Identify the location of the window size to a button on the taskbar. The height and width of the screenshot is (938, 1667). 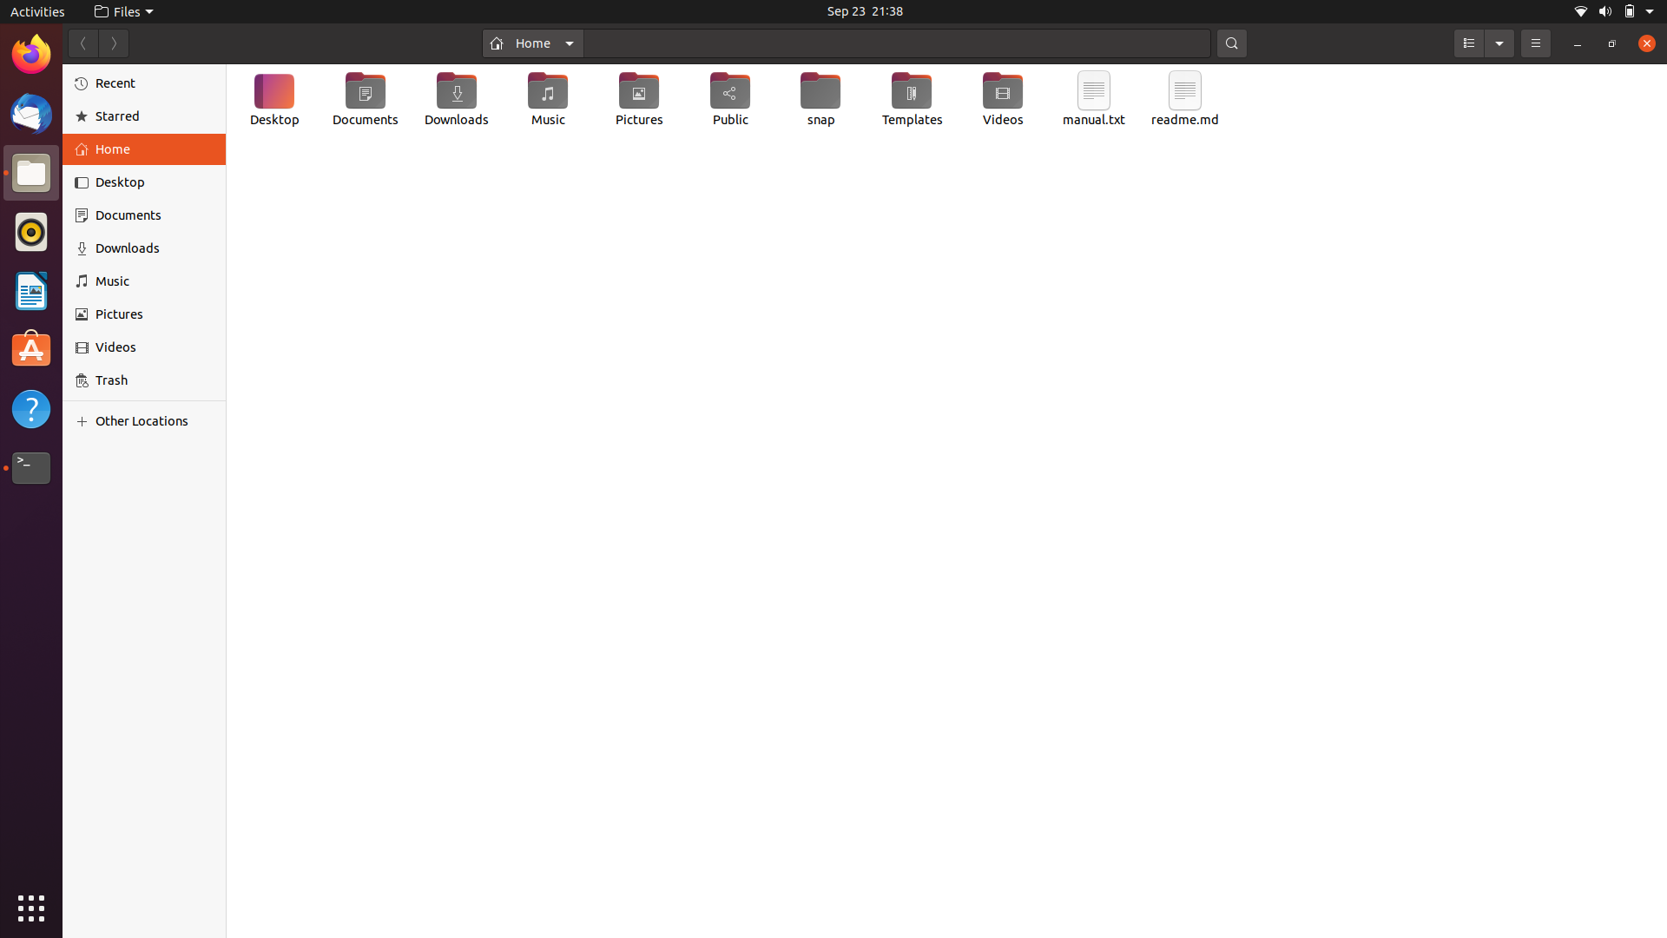
(1577, 43).